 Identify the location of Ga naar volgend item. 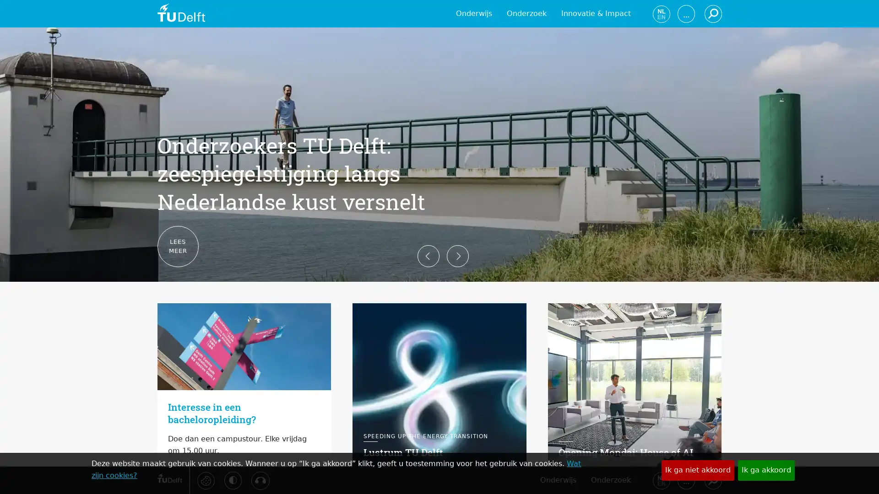
(736, 247).